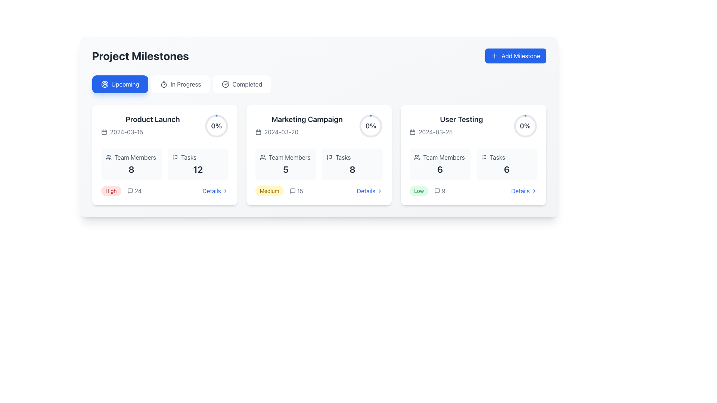 Image resolution: width=717 pixels, height=403 pixels. What do you see at coordinates (269, 191) in the screenshot?
I see `the Text Indicator or Badge located in the details section under the 'Marketing Campaign' milestone card of the 'Project Milestones' panel, positioned near the bottom next to the team member count and comment icon` at bounding box center [269, 191].